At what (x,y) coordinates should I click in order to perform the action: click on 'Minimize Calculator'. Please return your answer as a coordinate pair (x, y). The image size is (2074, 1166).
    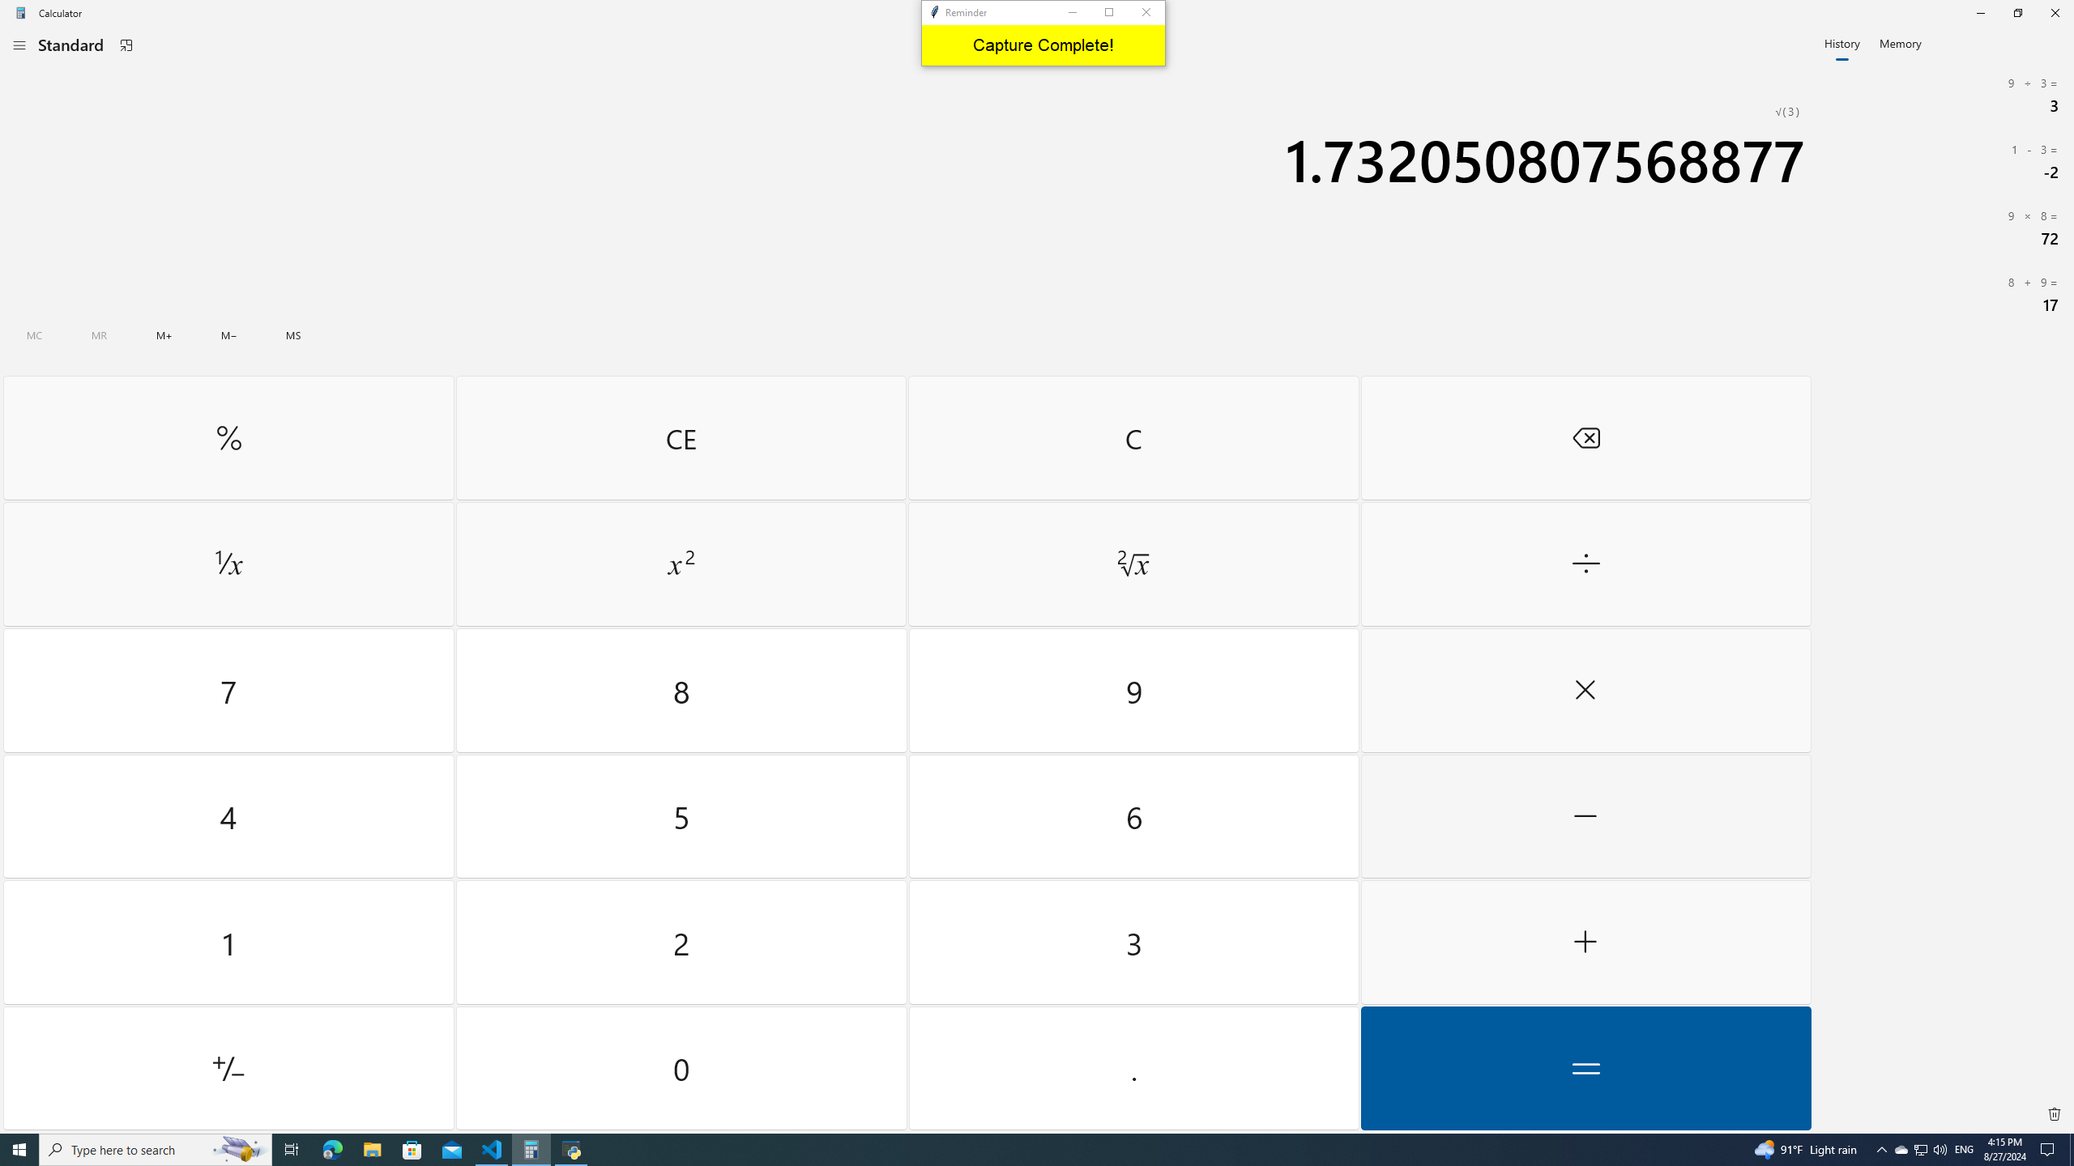
    Looking at the image, I should click on (1979, 12).